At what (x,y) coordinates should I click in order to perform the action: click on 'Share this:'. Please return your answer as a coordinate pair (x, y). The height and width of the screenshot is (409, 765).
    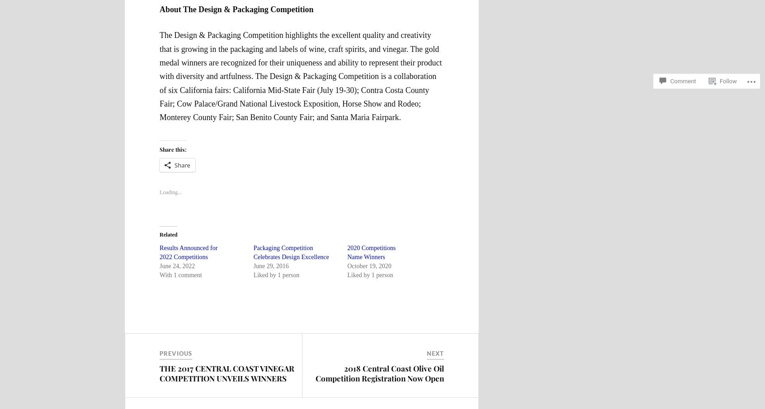
    Looking at the image, I should click on (173, 149).